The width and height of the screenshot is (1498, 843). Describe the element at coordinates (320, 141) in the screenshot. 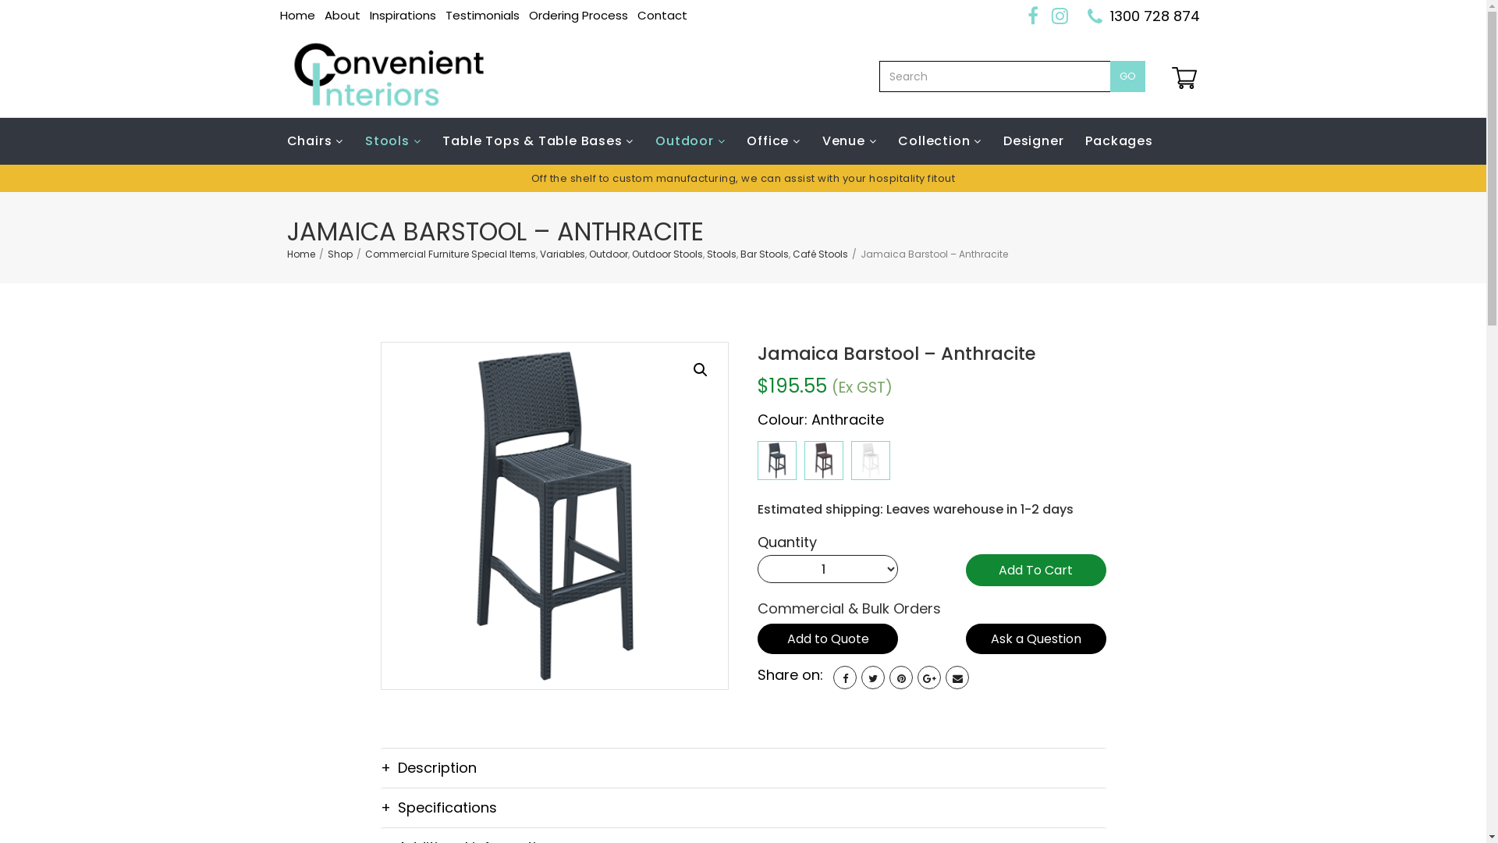

I see `'Chairs'` at that location.